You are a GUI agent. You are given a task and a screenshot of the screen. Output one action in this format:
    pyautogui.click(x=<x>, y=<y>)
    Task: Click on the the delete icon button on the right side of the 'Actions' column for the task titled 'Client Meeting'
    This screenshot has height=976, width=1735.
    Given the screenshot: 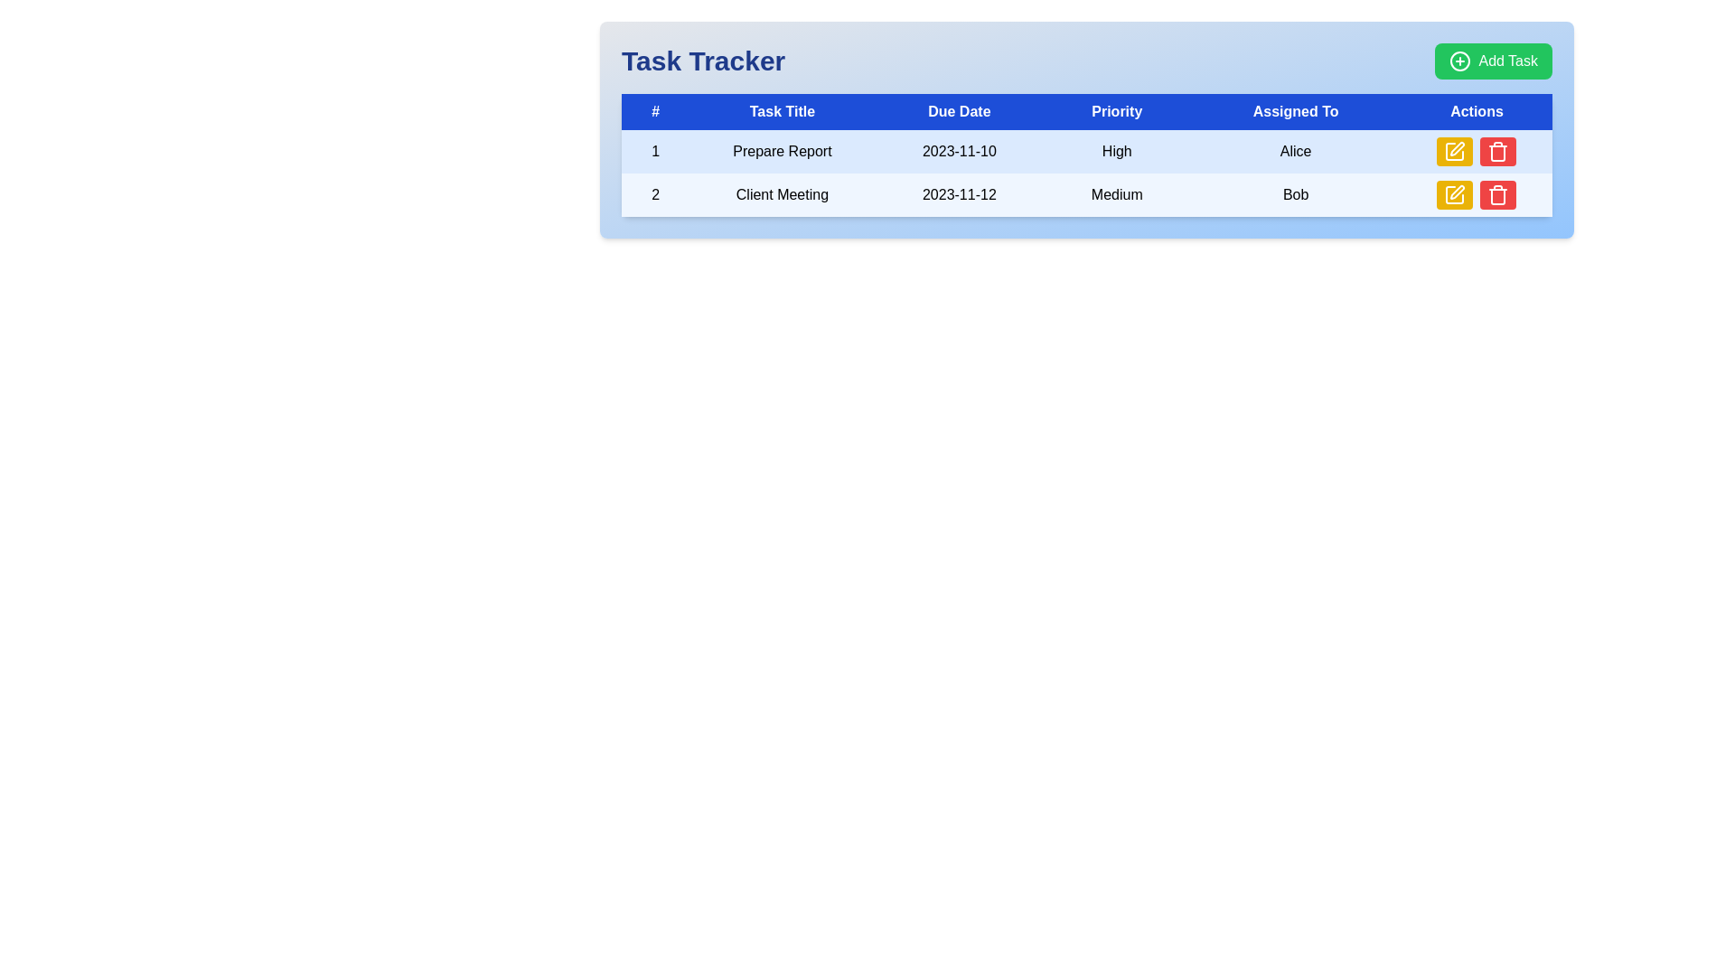 What is the action you would take?
    pyautogui.click(x=1498, y=195)
    